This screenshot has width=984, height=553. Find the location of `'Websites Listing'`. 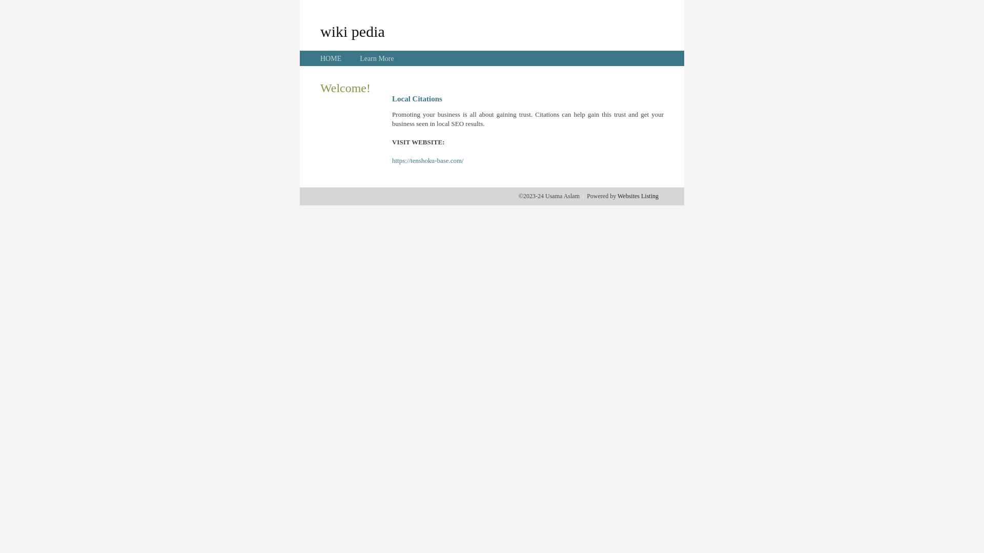

'Websites Listing' is located at coordinates (637, 196).